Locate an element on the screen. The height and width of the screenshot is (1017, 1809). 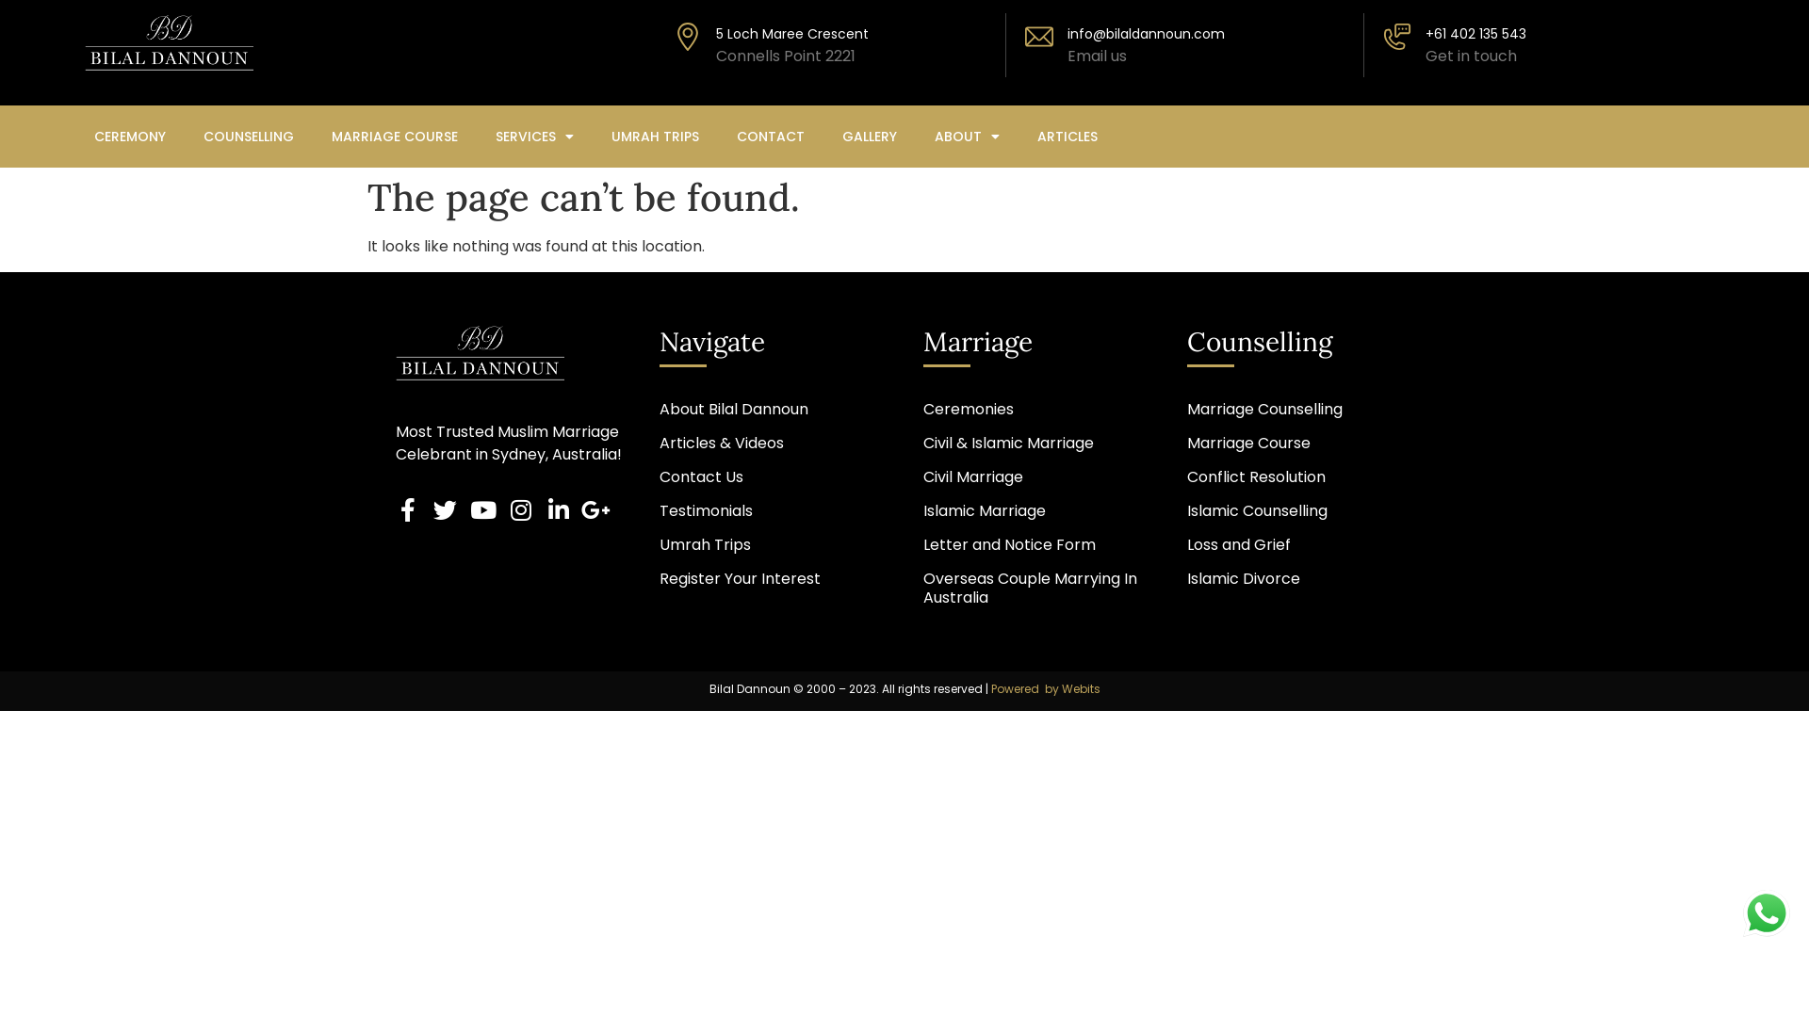
'ABOUT' is located at coordinates (967, 136).